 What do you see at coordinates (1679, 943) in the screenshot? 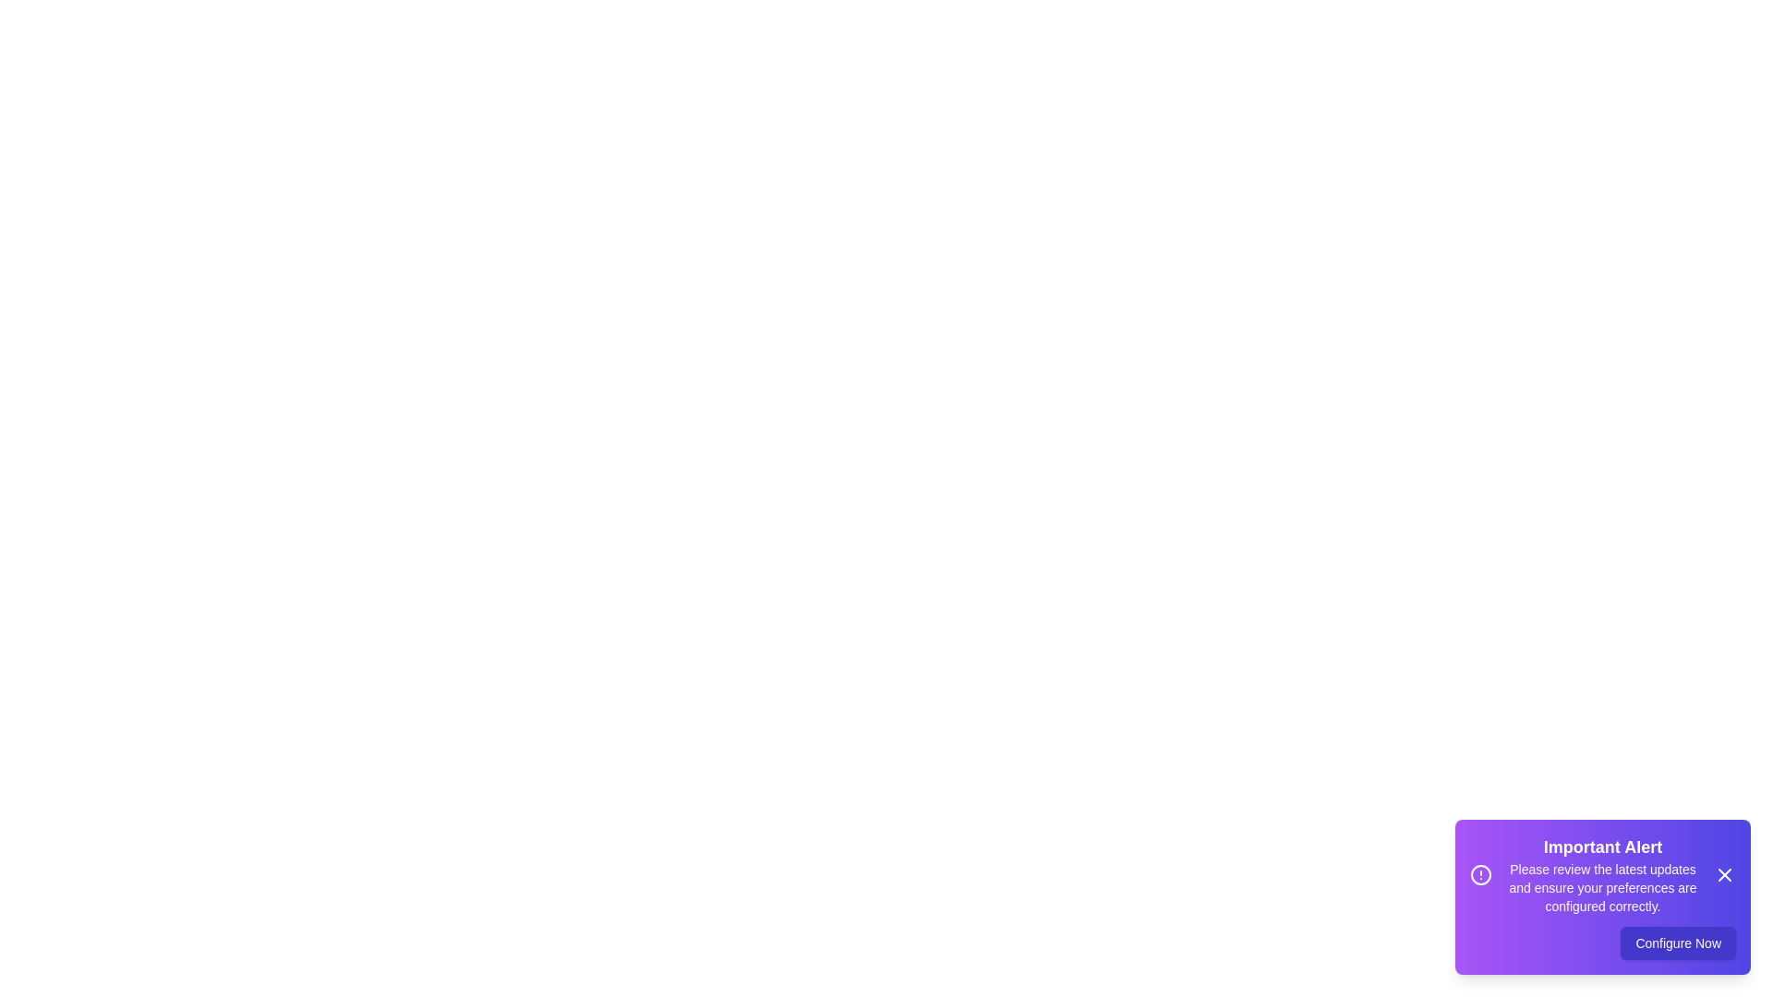
I see `the 'Configure Now' button to open the configuration options` at bounding box center [1679, 943].